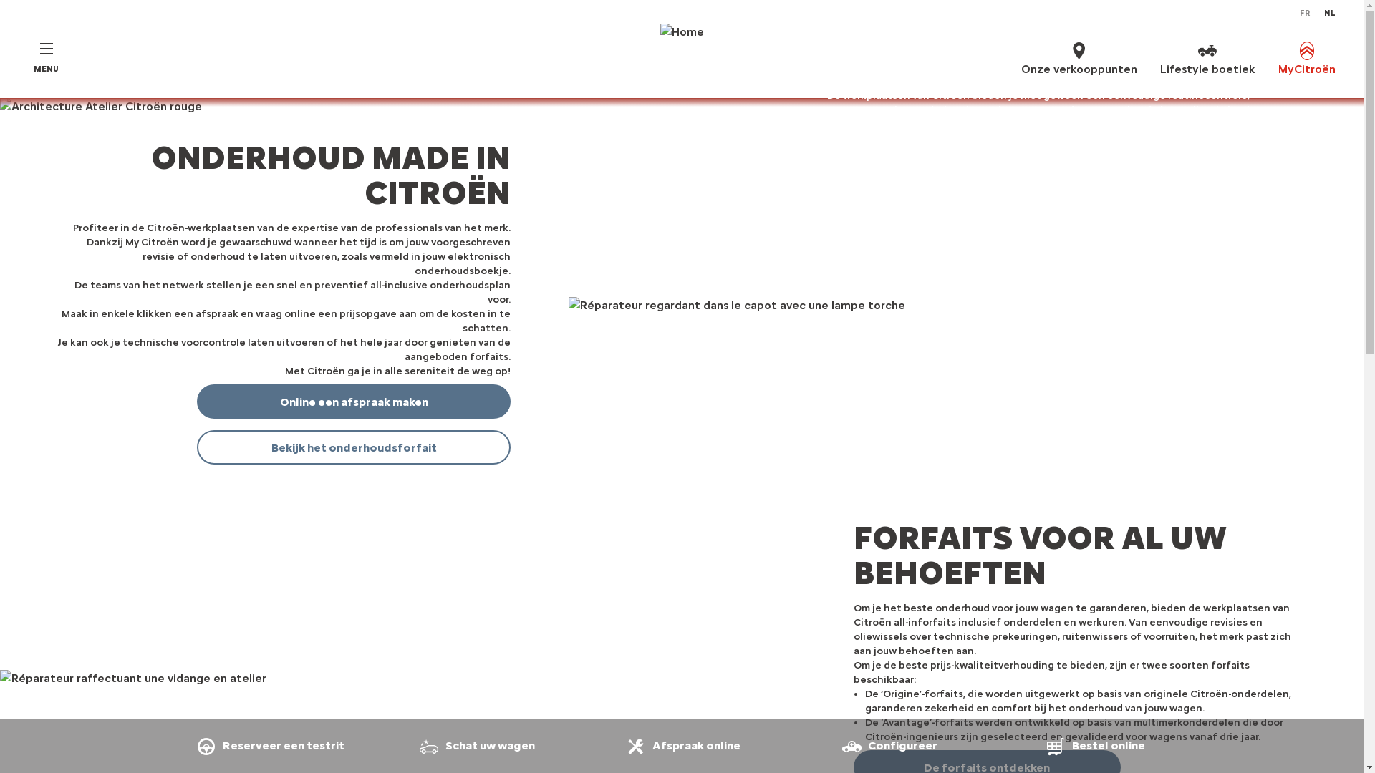 The width and height of the screenshot is (1375, 773). I want to click on 'FR', so click(1305, 14).